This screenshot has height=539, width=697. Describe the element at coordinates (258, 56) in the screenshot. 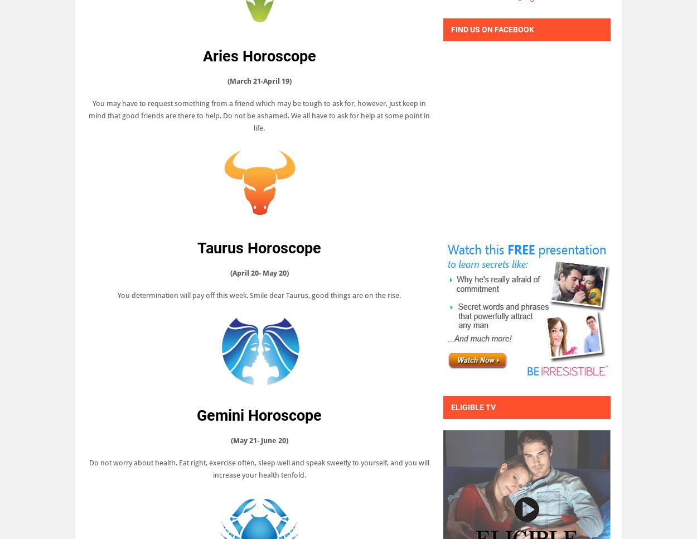

I see `'Aries Horoscope'` at that location.